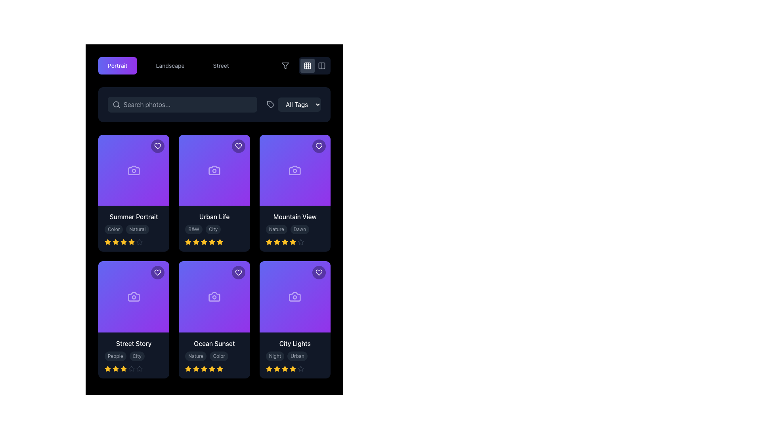  Describe the element at coordinates (319, 146) in the screenshot. I see `the heart icon button located in the upper-right corner of the 'Mountain View' card to mark it as a favorite` at that location.